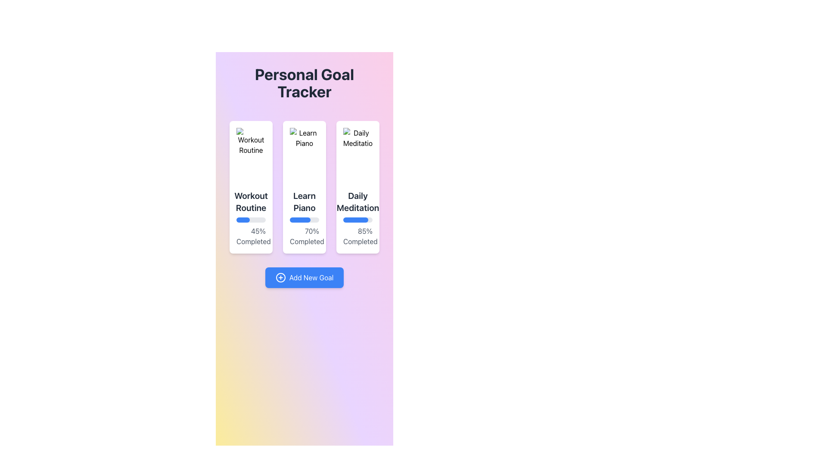  What do you see at coordinates (304, 219) in the screenshot?
I see `the progress bar that indicates 70% completion, located centrally among the goal cards in the 'Learn Piano' section, positioned below the text 'Learn Piano' and above '70% Completed'` at bounding box center [304, 219].